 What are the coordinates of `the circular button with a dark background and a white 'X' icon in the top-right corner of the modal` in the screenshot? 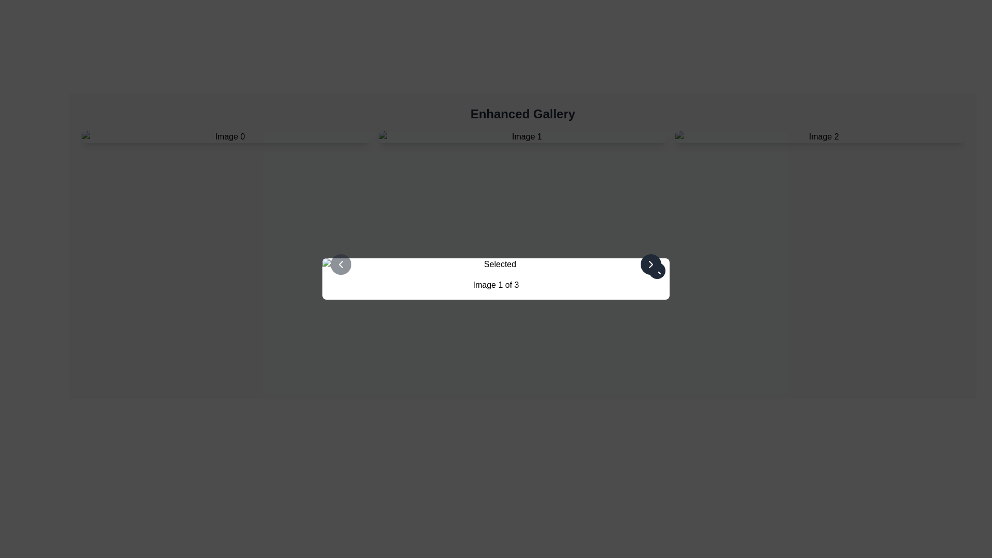 It's located at (657, 270).